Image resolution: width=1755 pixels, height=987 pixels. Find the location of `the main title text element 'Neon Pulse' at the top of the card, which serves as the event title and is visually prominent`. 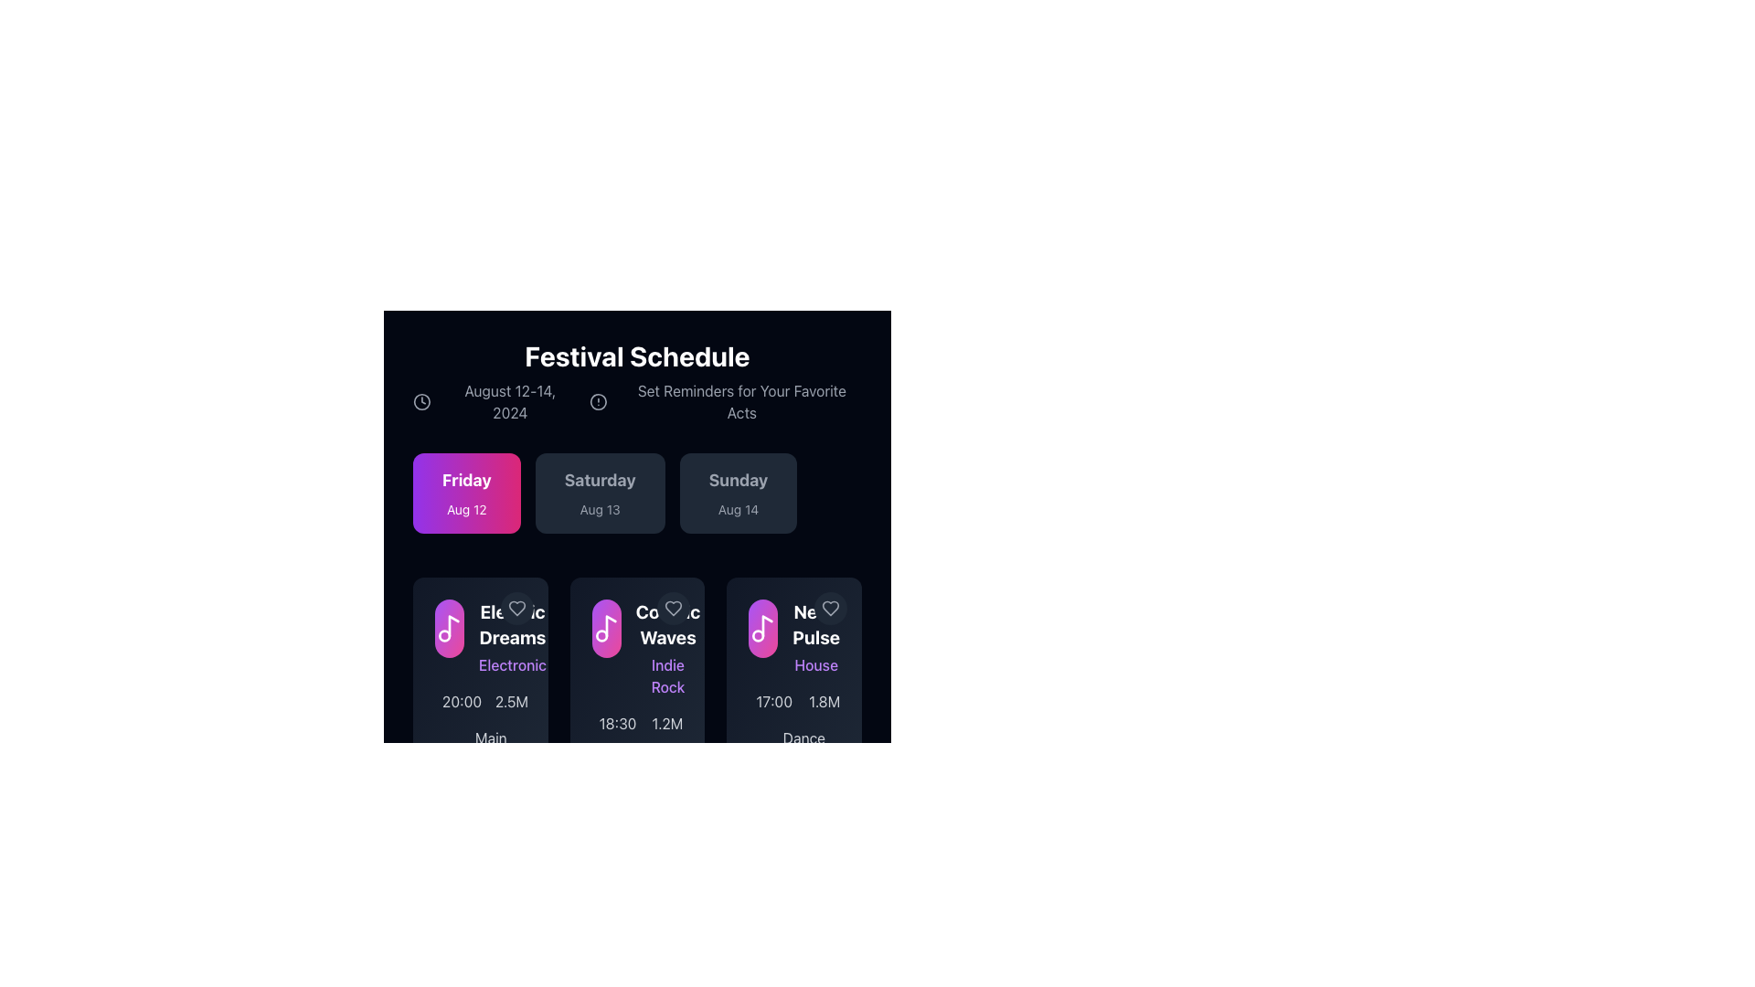

the main title text element 'Neon Pulse' at the top of the card, which serves as the event title and is visually prominent is located at coordinates (815, 623).